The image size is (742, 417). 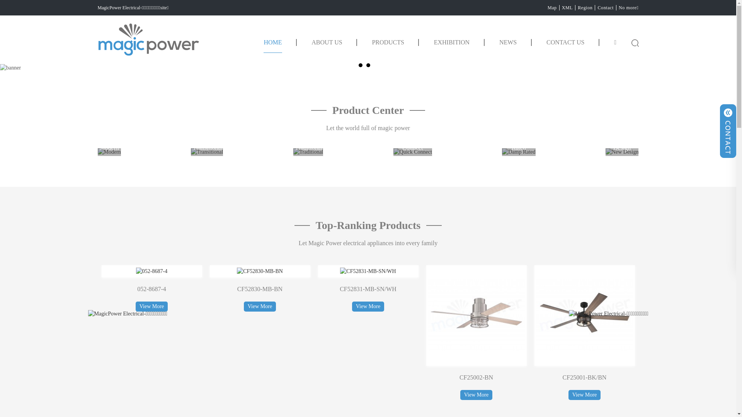 I want to click on 'XML', so click(x=560, y=7).